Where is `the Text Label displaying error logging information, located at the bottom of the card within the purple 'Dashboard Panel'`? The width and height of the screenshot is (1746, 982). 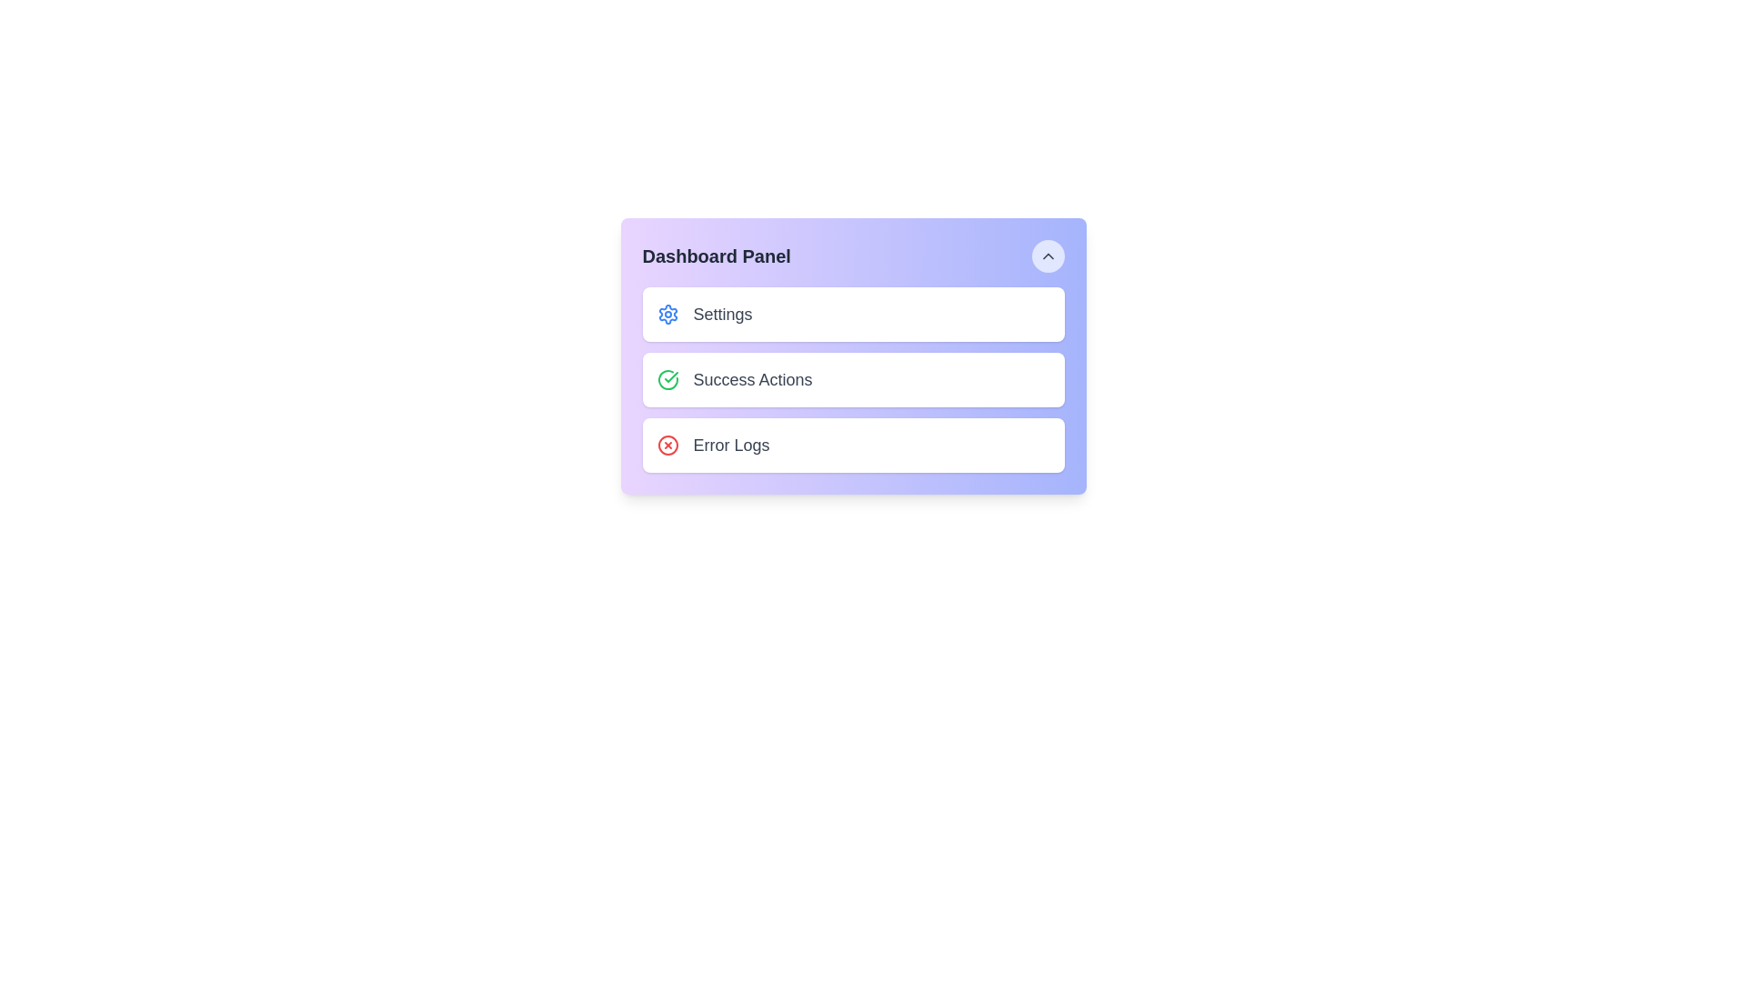
the Text Label displaying error logging information, located at the bottom of the card within the purple 'Dashboard Panel' is located at coordinates (731, 445).